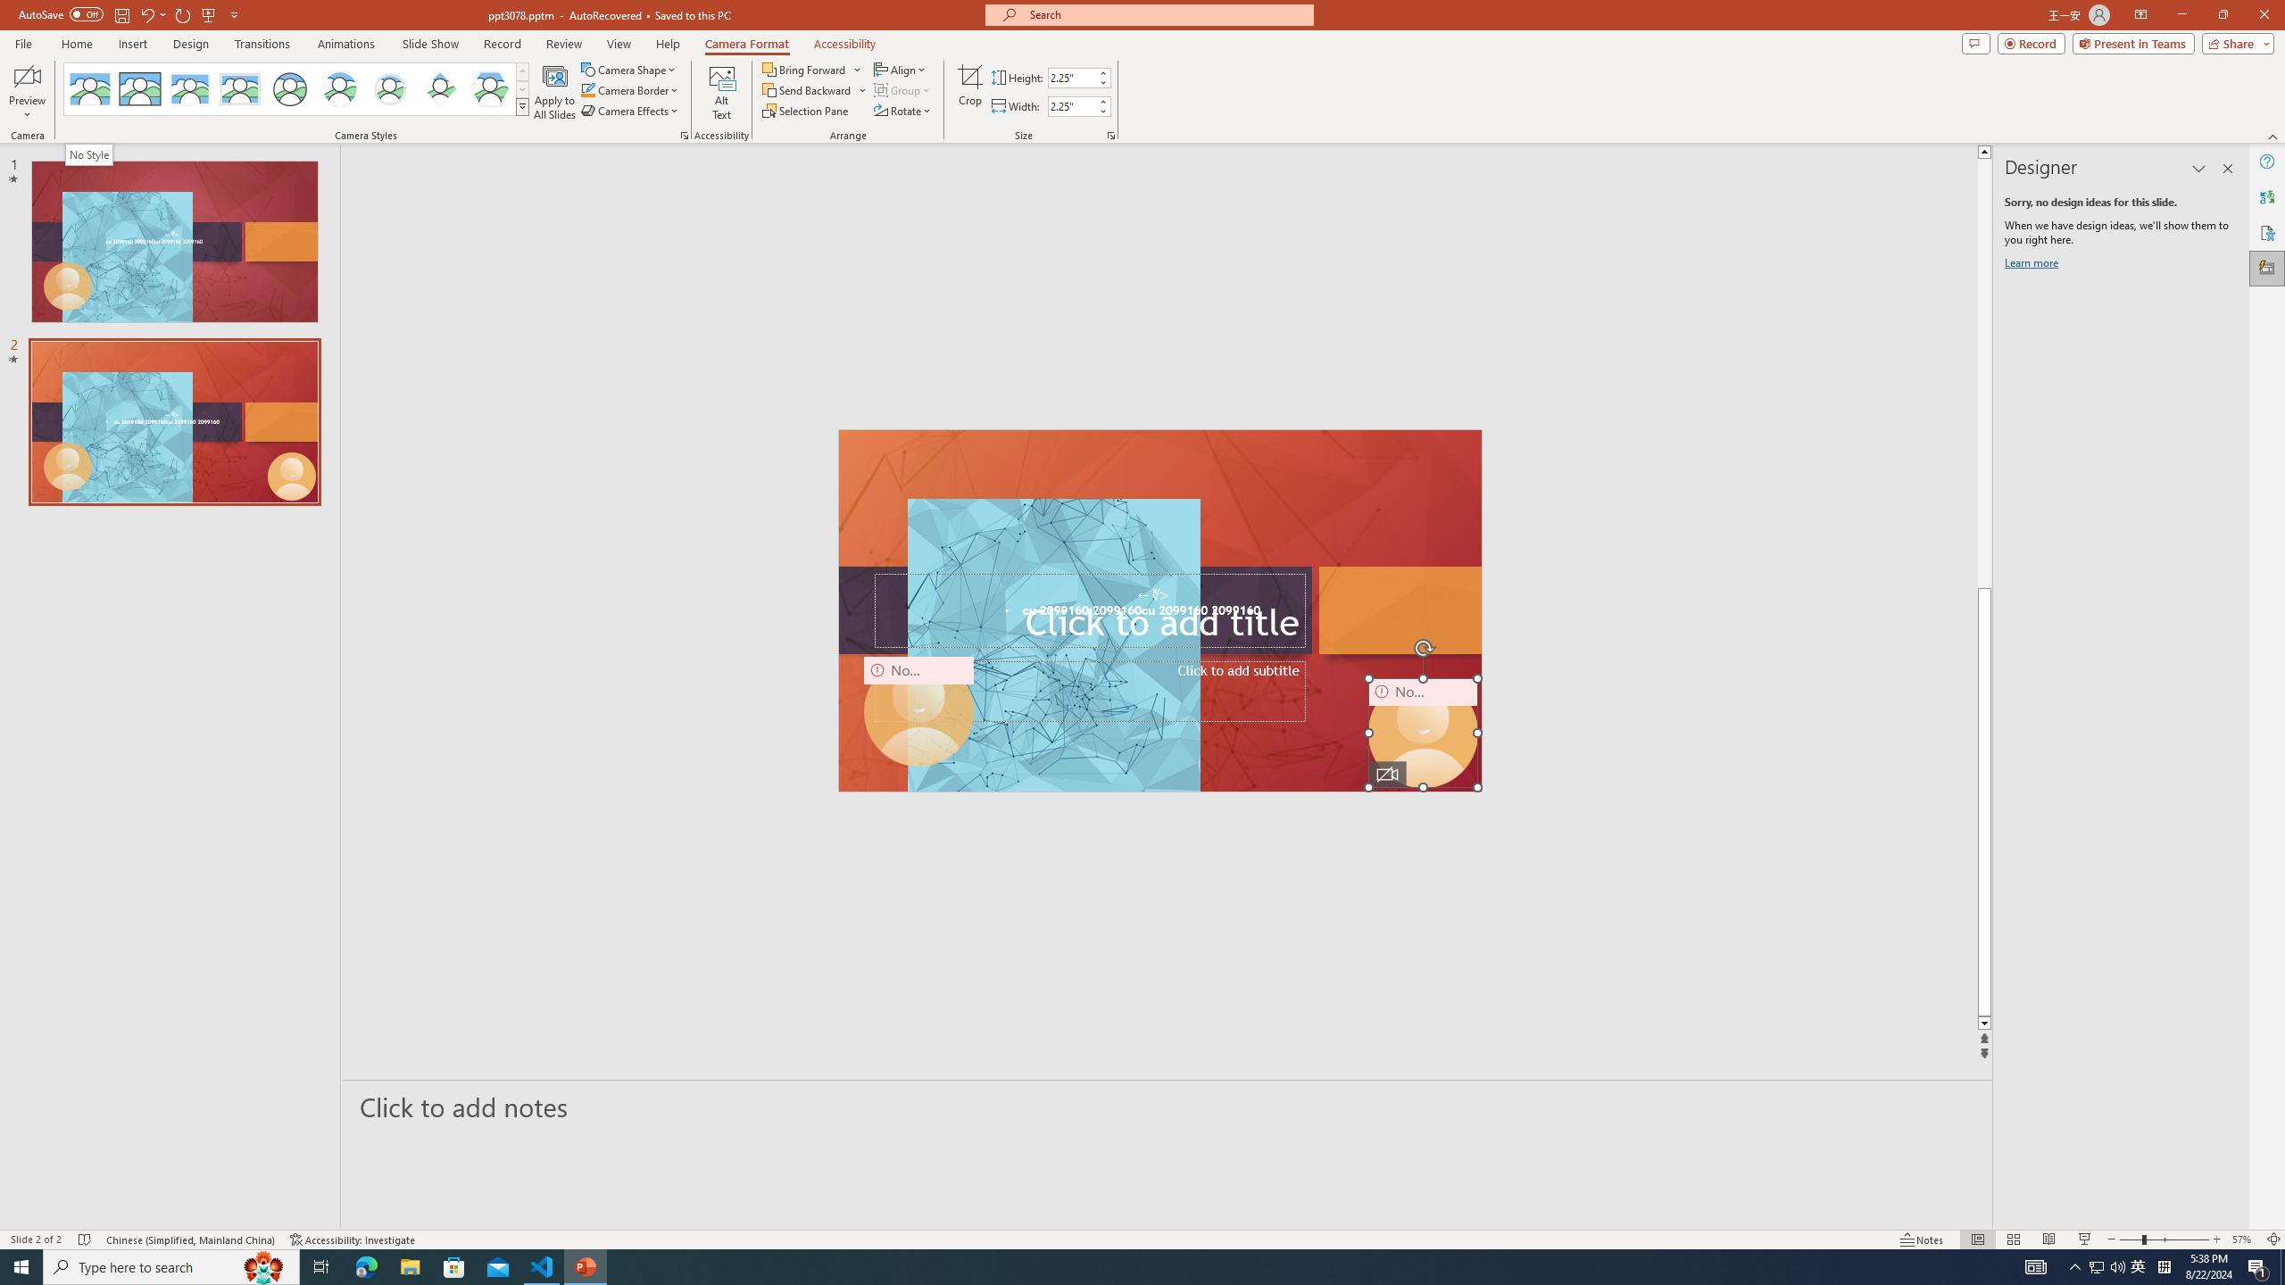 Image resolution: width=2285 pixels, height=1285 pixels. I want to click on 'Transitions', so click(262, 44).